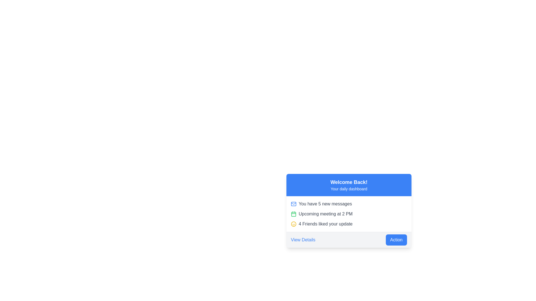  I want to click on the calendar icon with a green design, which is positioned to the left of the text 'Upcoming meeting at 2 PM' in a vertically stacked list, so click(293, 213).